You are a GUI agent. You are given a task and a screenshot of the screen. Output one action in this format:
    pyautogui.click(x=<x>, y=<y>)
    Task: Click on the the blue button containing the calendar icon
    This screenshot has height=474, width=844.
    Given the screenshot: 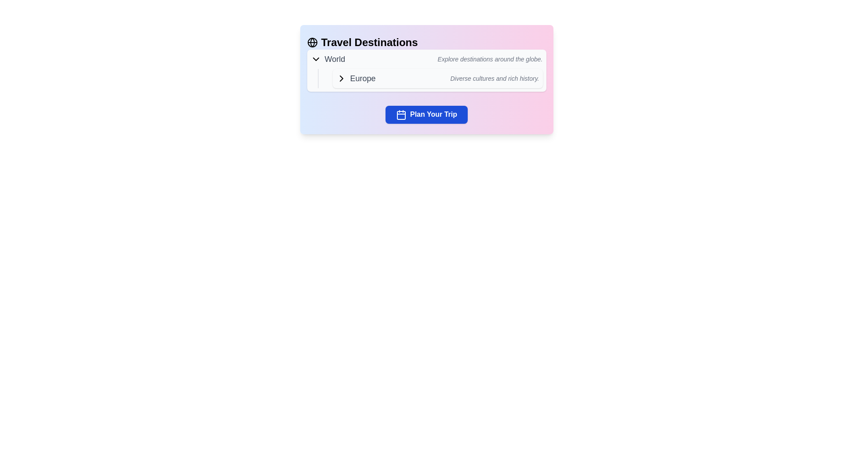 What is the action you would take?
    pyautogui.click(x=400, y=114)
    